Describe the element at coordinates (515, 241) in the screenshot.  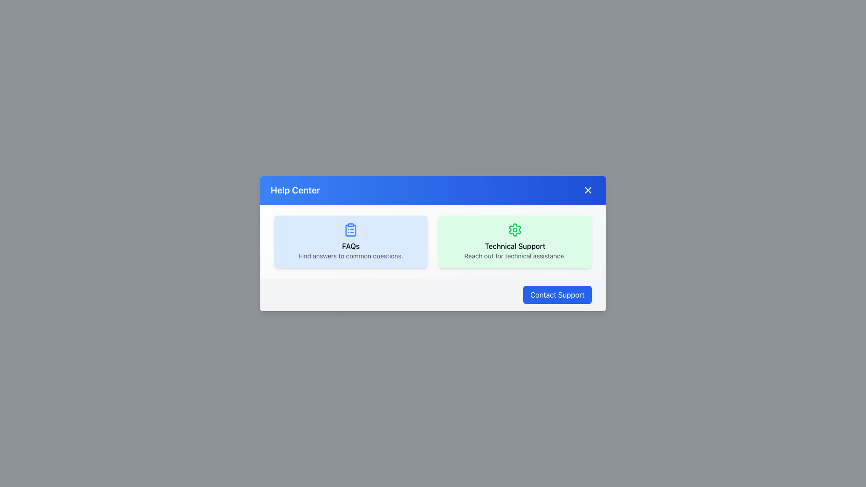
I see `the Informational Card located in the right column, next to the 'FAQs' card` at that location.